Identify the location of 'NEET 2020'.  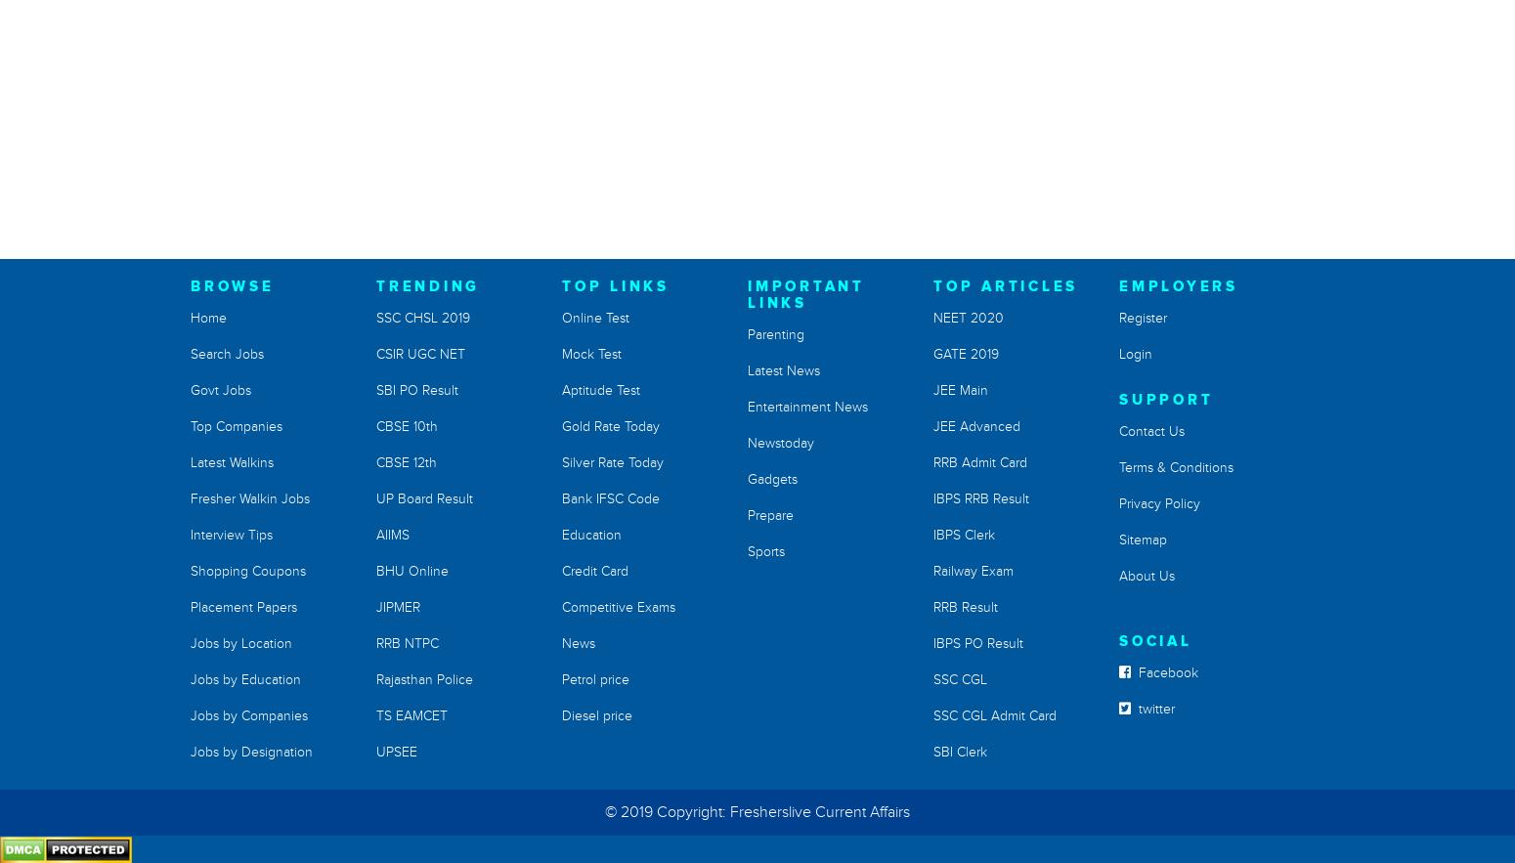
(968, 317).